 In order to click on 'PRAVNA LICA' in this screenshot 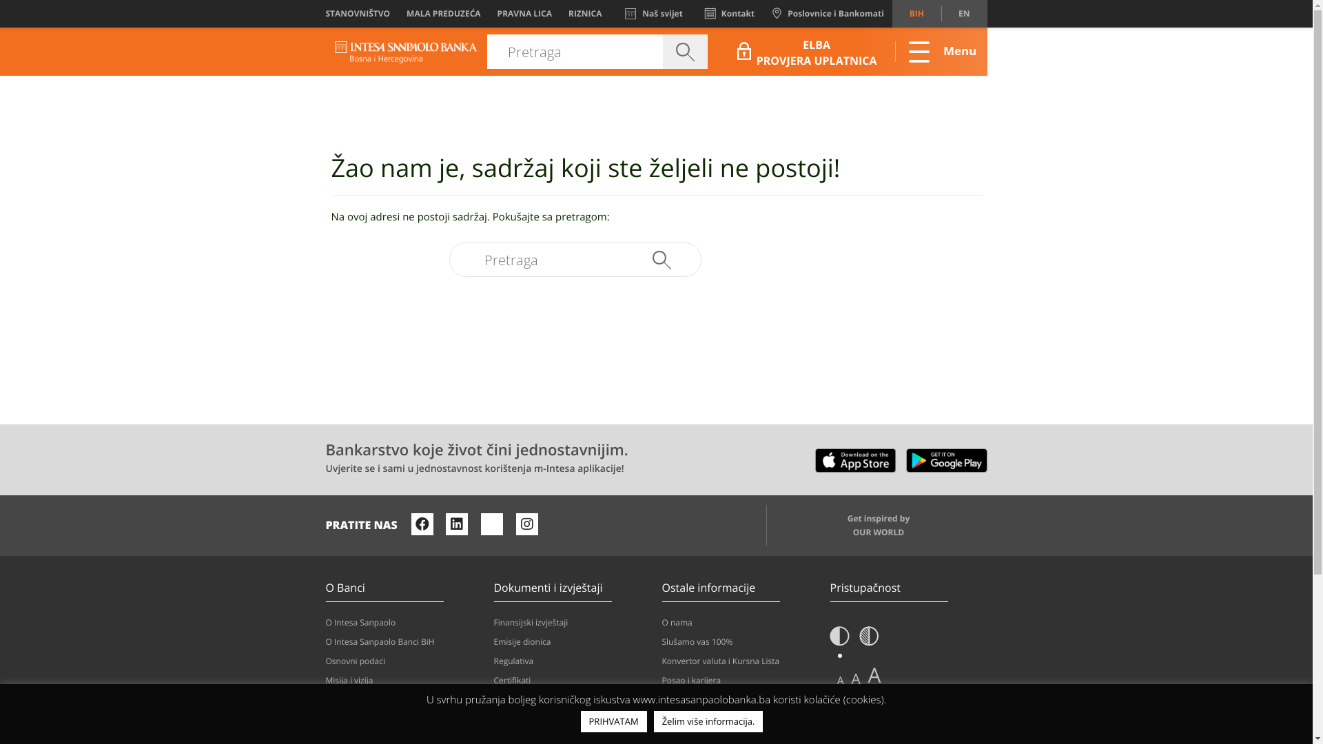, I will do `click(524, 13)`.